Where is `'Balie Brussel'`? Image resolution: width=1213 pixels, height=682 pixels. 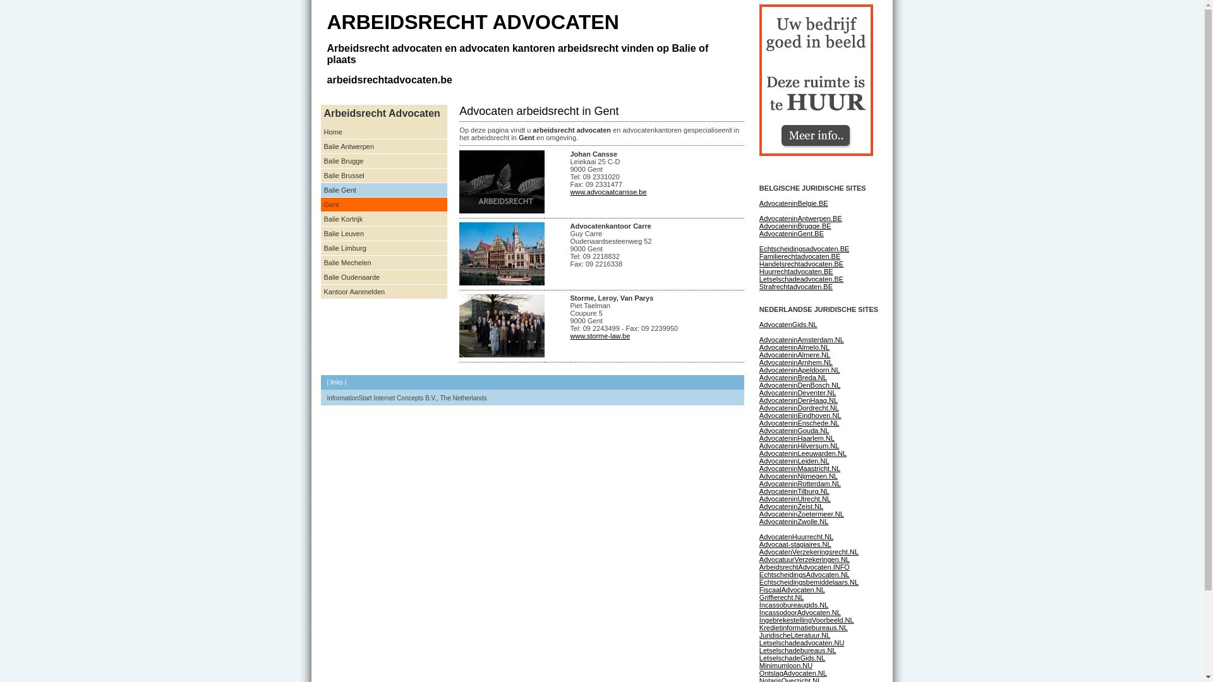
'Balie Brussel' is located at coordinates (383, 176).